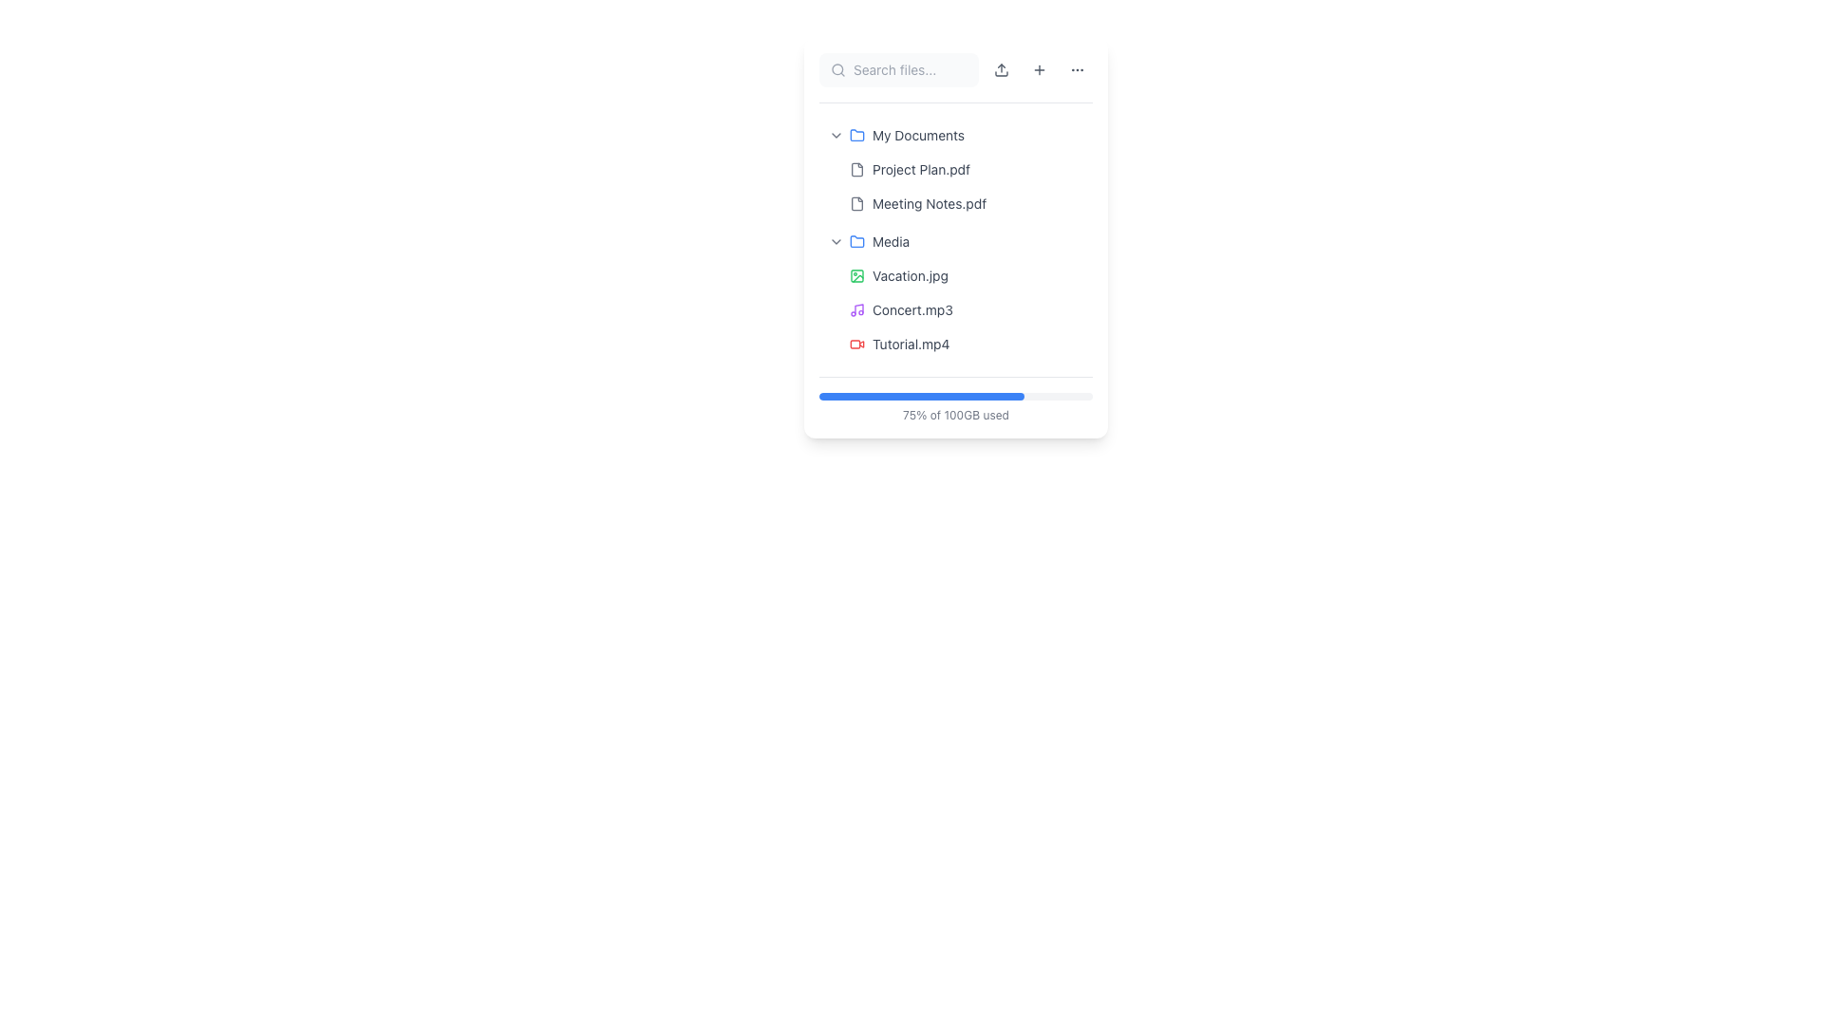  What do you see at coordinates (921, 395) in the screenshot?
I see `the progress indicator, which is a horizontal blue bar with a rounded design, representing the filled portion of a progress bar at the bottom of a white panel layout` at bounding box center [921, 395].